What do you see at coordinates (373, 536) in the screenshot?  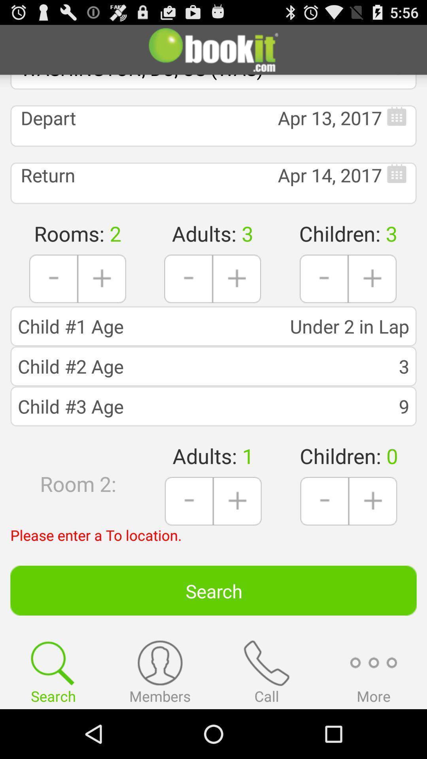 I see `the add icon` at bounding box center [373, 536].